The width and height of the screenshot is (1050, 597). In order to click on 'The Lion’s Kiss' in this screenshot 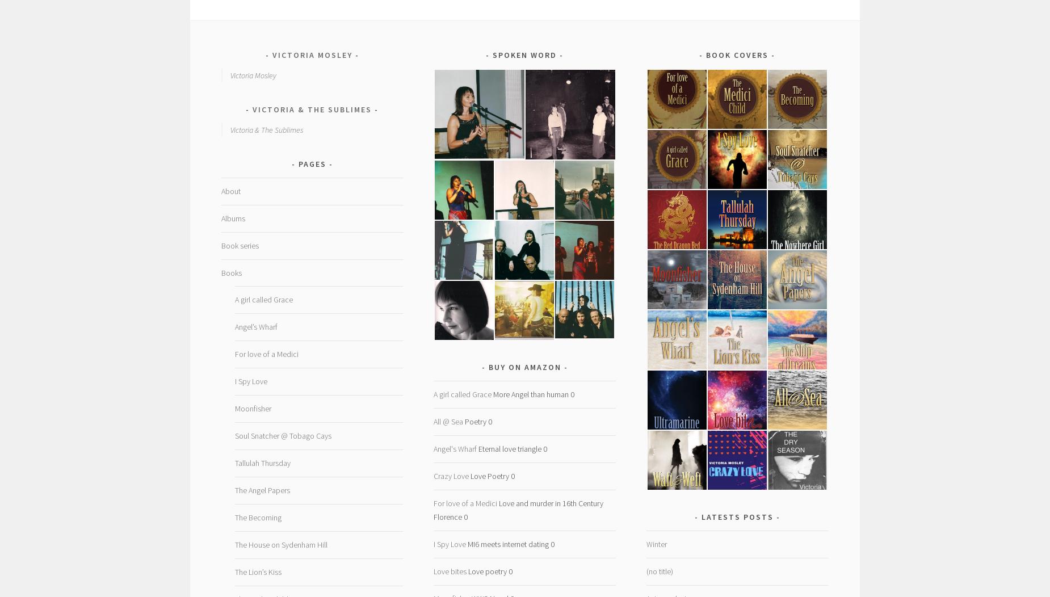, I will do `click(257, 571)`.